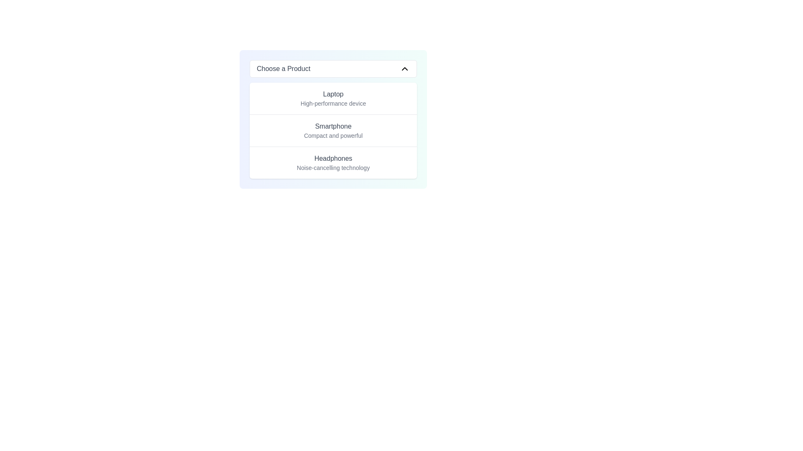  Describe the element at coordinates (332, 159) in the screenshot. I see `the main title text of the third option in the 'Choose a Product' dropdown menu, which features a description for 'Noise-cancelling technology.'` at that location.